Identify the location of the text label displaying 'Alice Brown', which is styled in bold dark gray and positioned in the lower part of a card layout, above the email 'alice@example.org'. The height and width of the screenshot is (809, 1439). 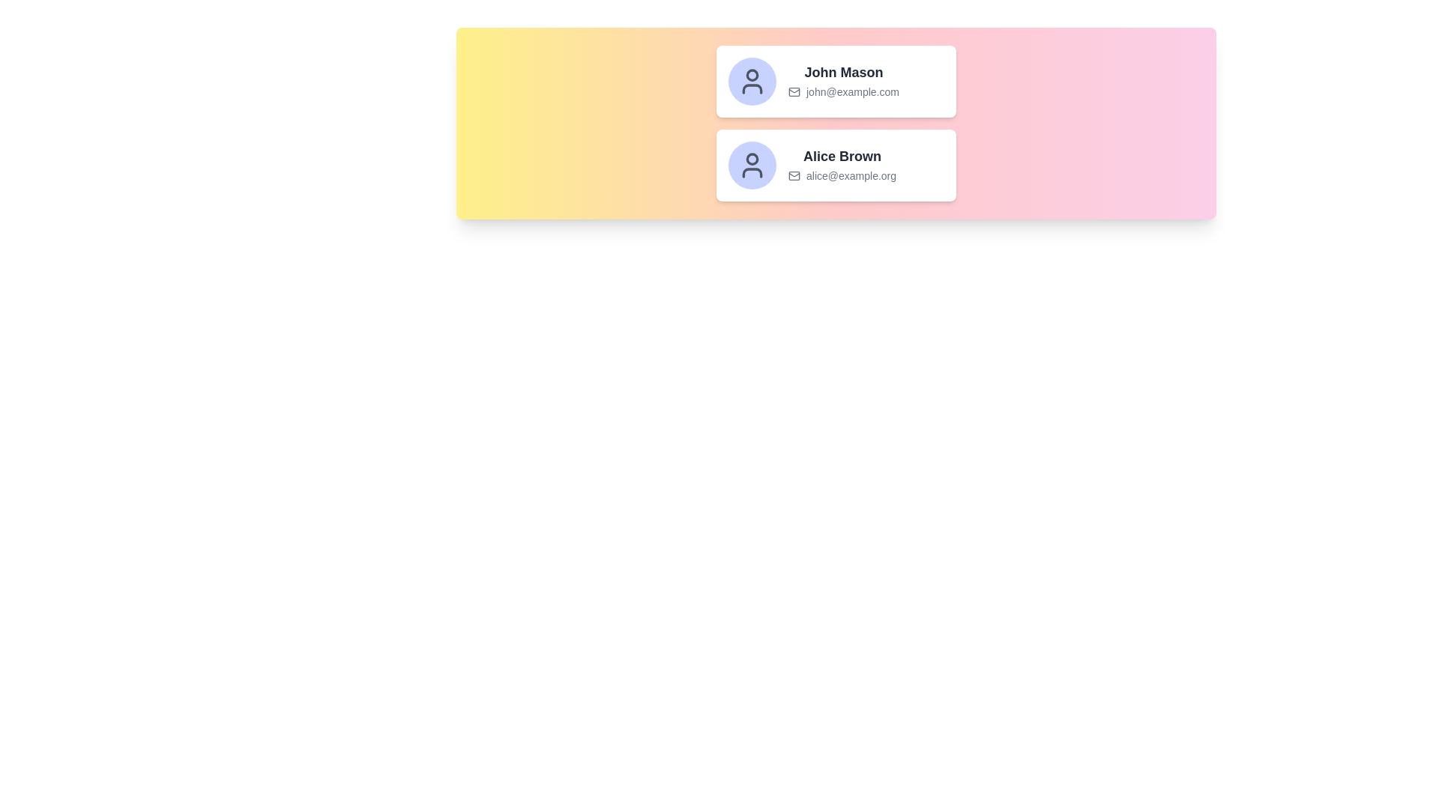
(842, 156).